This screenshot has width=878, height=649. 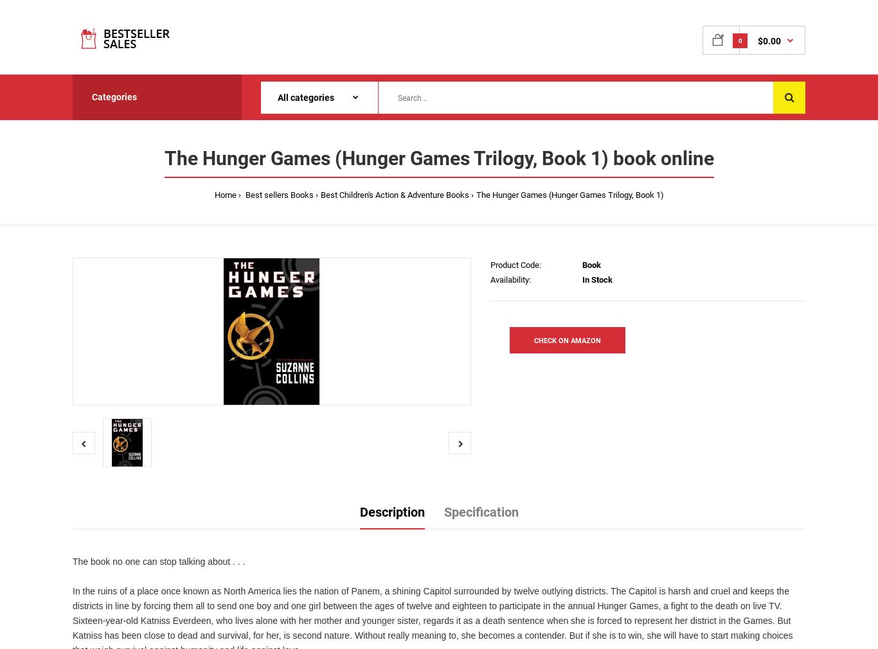 What do you see at coordinates (715, 287) in the screenshot?
I see `'Best Vampire Romances Books'` at bounding box center [715, 287].